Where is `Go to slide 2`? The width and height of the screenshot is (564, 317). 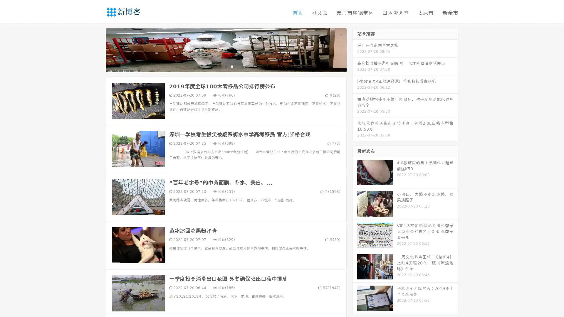
Go to slide 2 is located at coordinates (226, 66).